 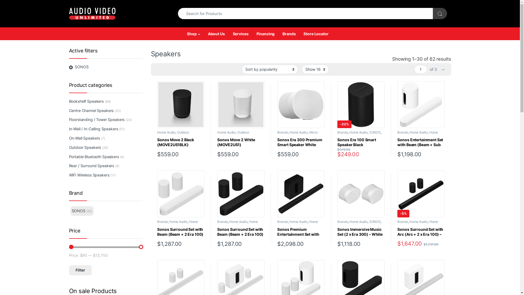 I want to click on 'Store Locator', so click(x=315, y=34).